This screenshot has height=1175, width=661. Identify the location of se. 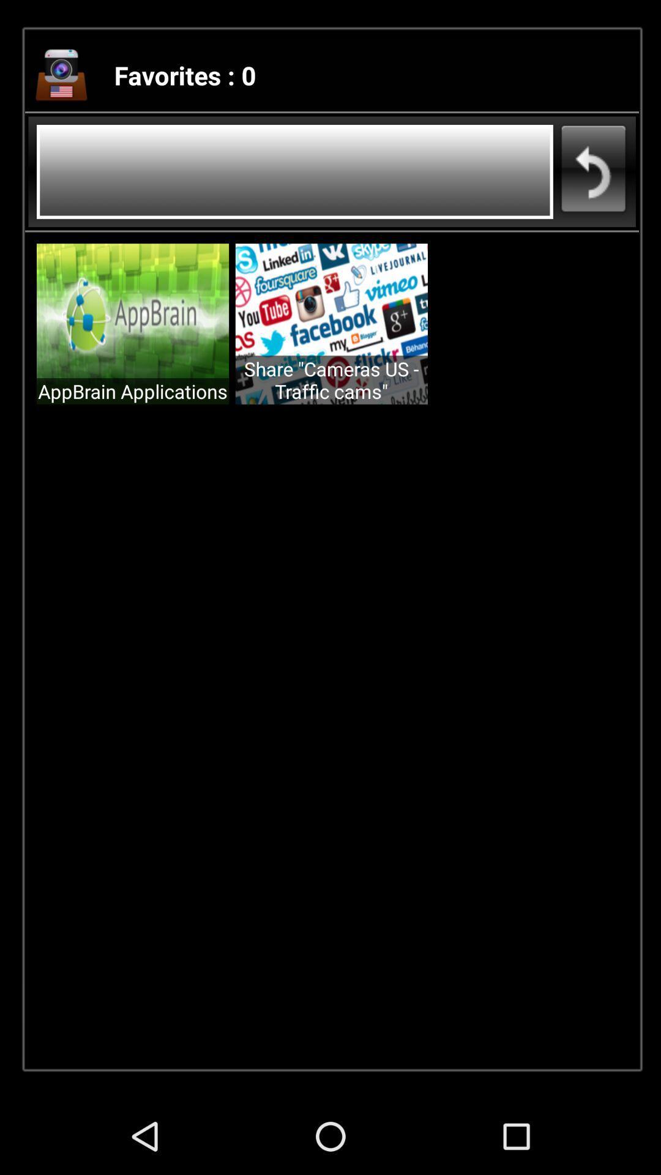
(294, 171).